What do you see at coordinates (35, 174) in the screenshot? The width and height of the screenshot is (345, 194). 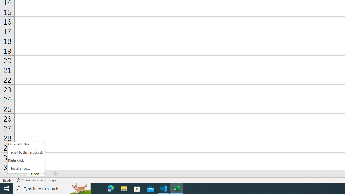 I see `'Sheet1'` at bounding box center [35, 174].